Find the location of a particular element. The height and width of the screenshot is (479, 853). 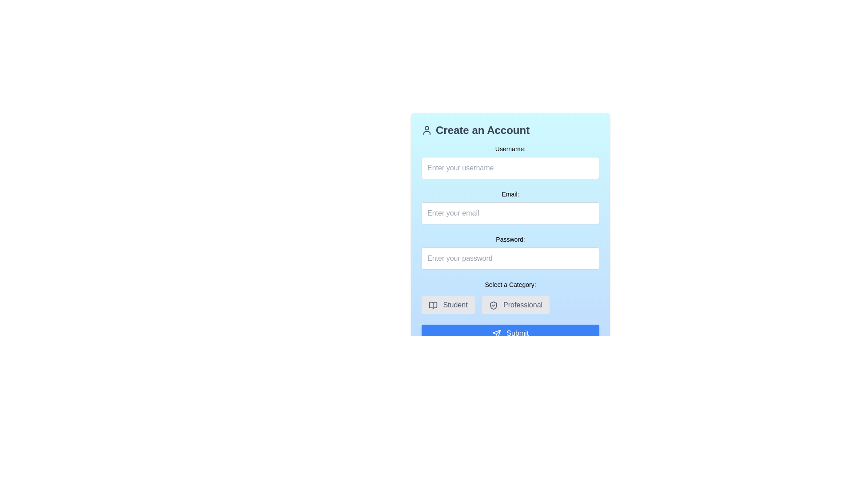

the 'Submit' button with a blue background and white text is located at coordinates (510, 334).